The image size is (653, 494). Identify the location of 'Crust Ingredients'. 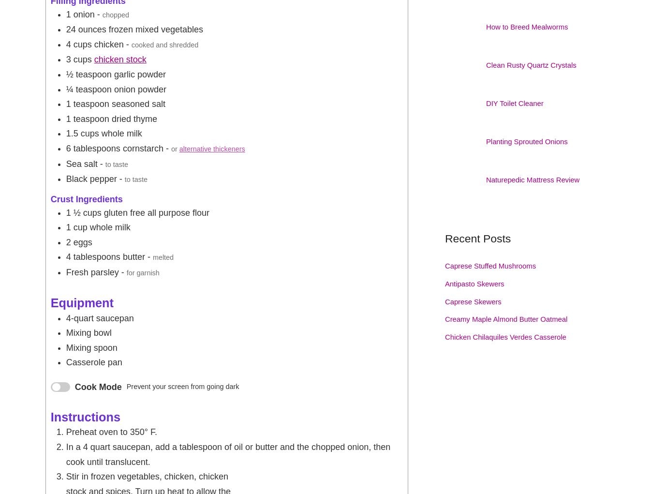
(86, 198).